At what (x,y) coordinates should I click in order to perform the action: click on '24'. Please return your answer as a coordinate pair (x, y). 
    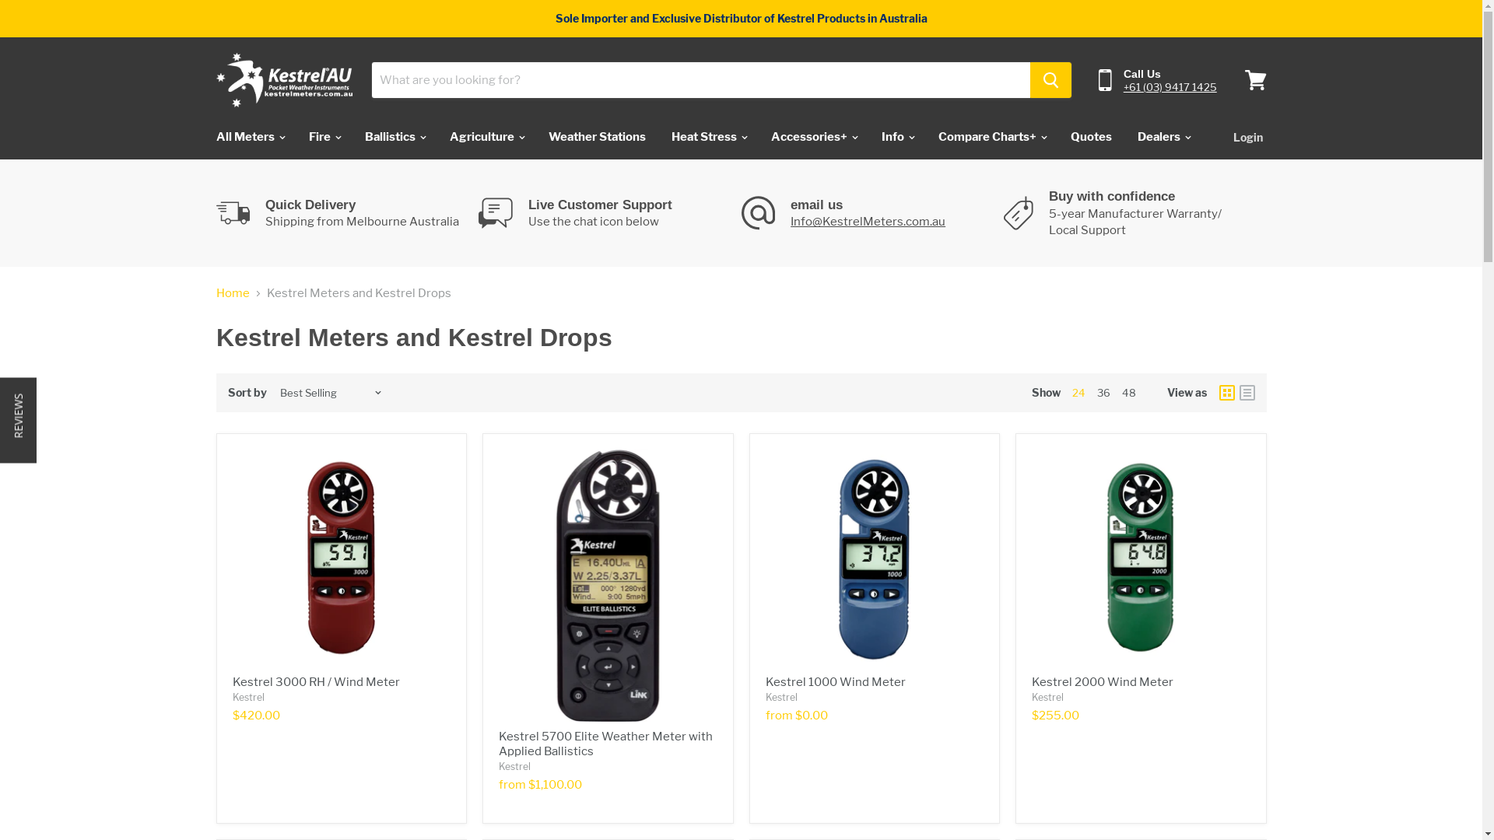
    Looking at the image, I should click on (1071, 392).